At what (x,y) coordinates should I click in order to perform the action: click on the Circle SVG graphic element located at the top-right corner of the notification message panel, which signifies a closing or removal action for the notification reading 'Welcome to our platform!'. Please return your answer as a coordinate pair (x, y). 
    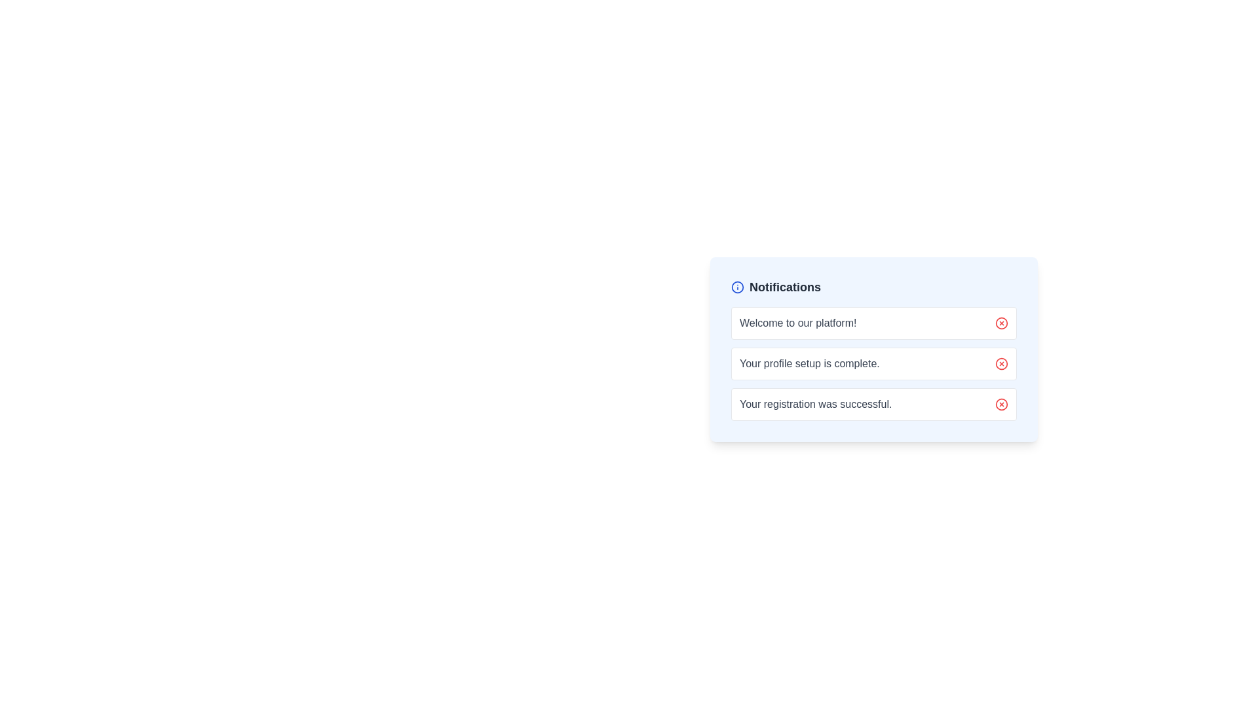
    Looking at the image, I should click on (1001, 323).